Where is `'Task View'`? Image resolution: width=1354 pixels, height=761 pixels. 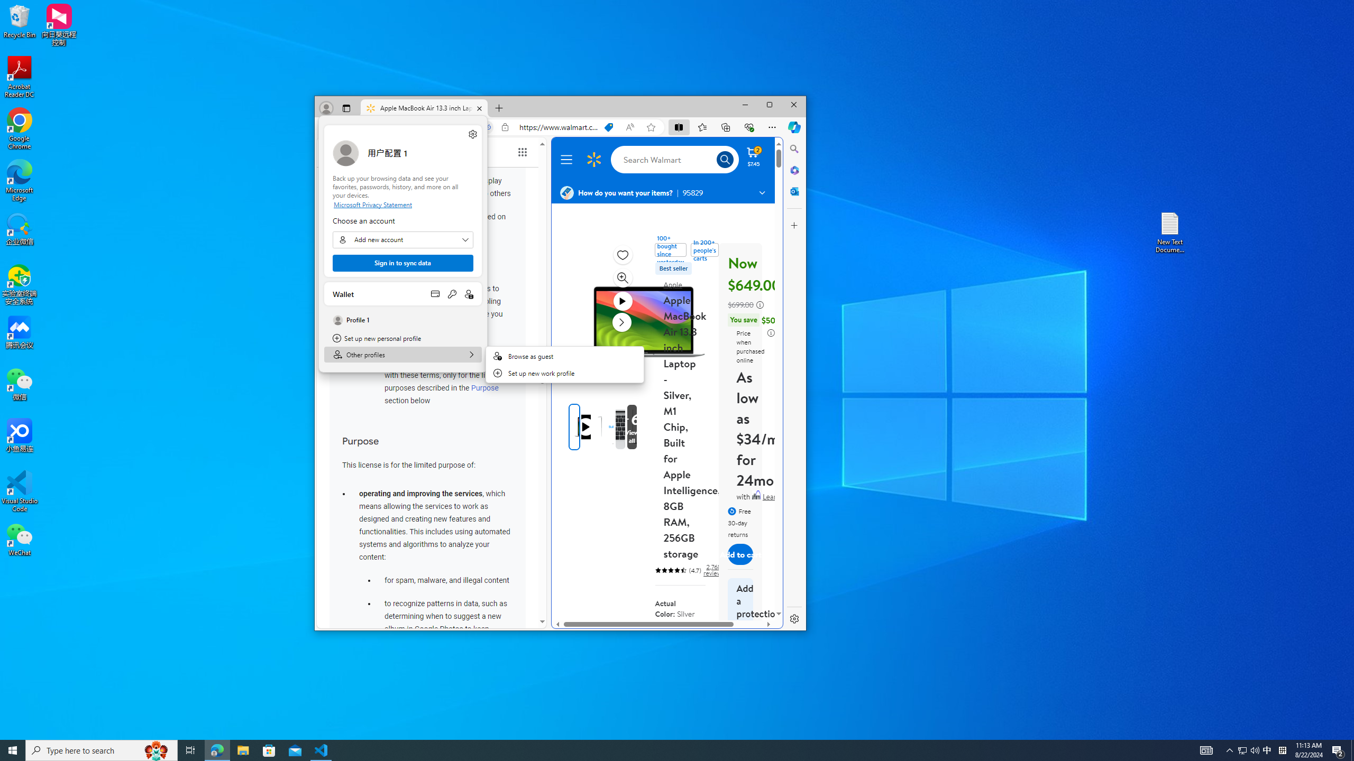
'Task View' is located at coordinates (189, 749).